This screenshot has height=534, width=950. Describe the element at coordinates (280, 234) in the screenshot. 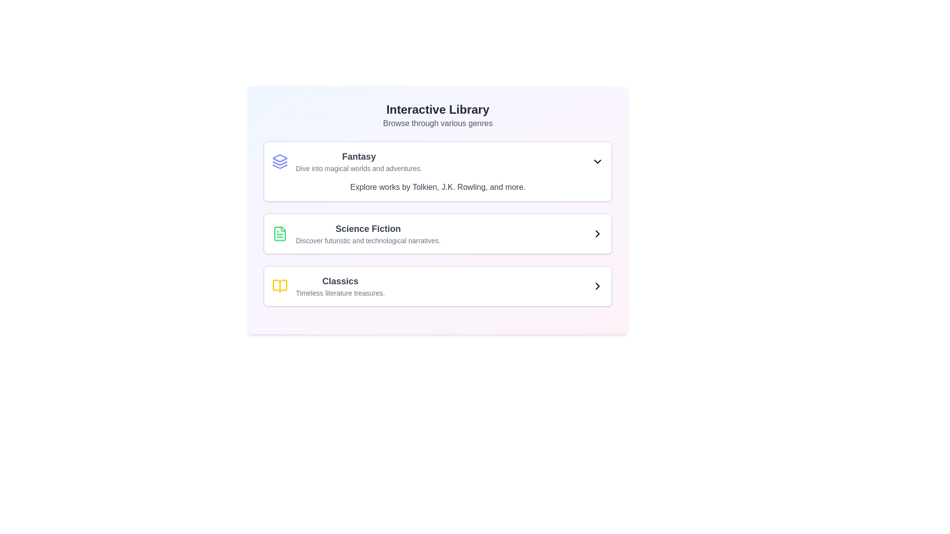

I see `the 'Science Fiction' icon` at that location.